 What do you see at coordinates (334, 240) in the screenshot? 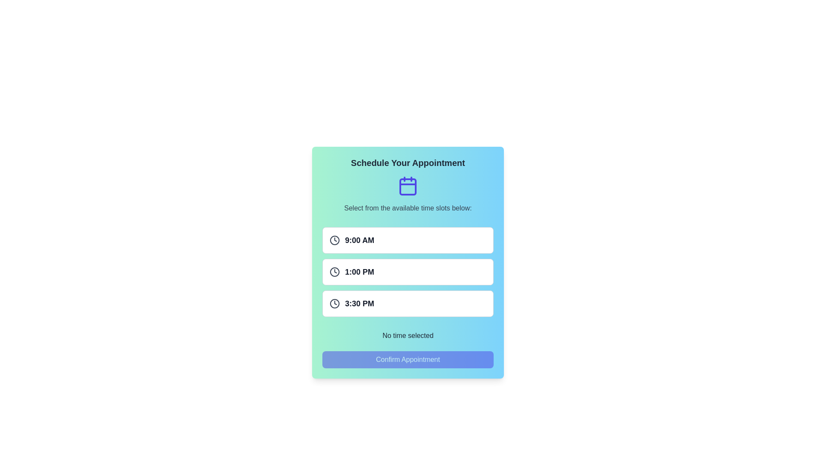
I see `the decorative clock icon component that visually represents a clock face, located to the left of the '9:00 AM' label in the first time slot of the appointment selector interface` at bounding box center [334, 240].